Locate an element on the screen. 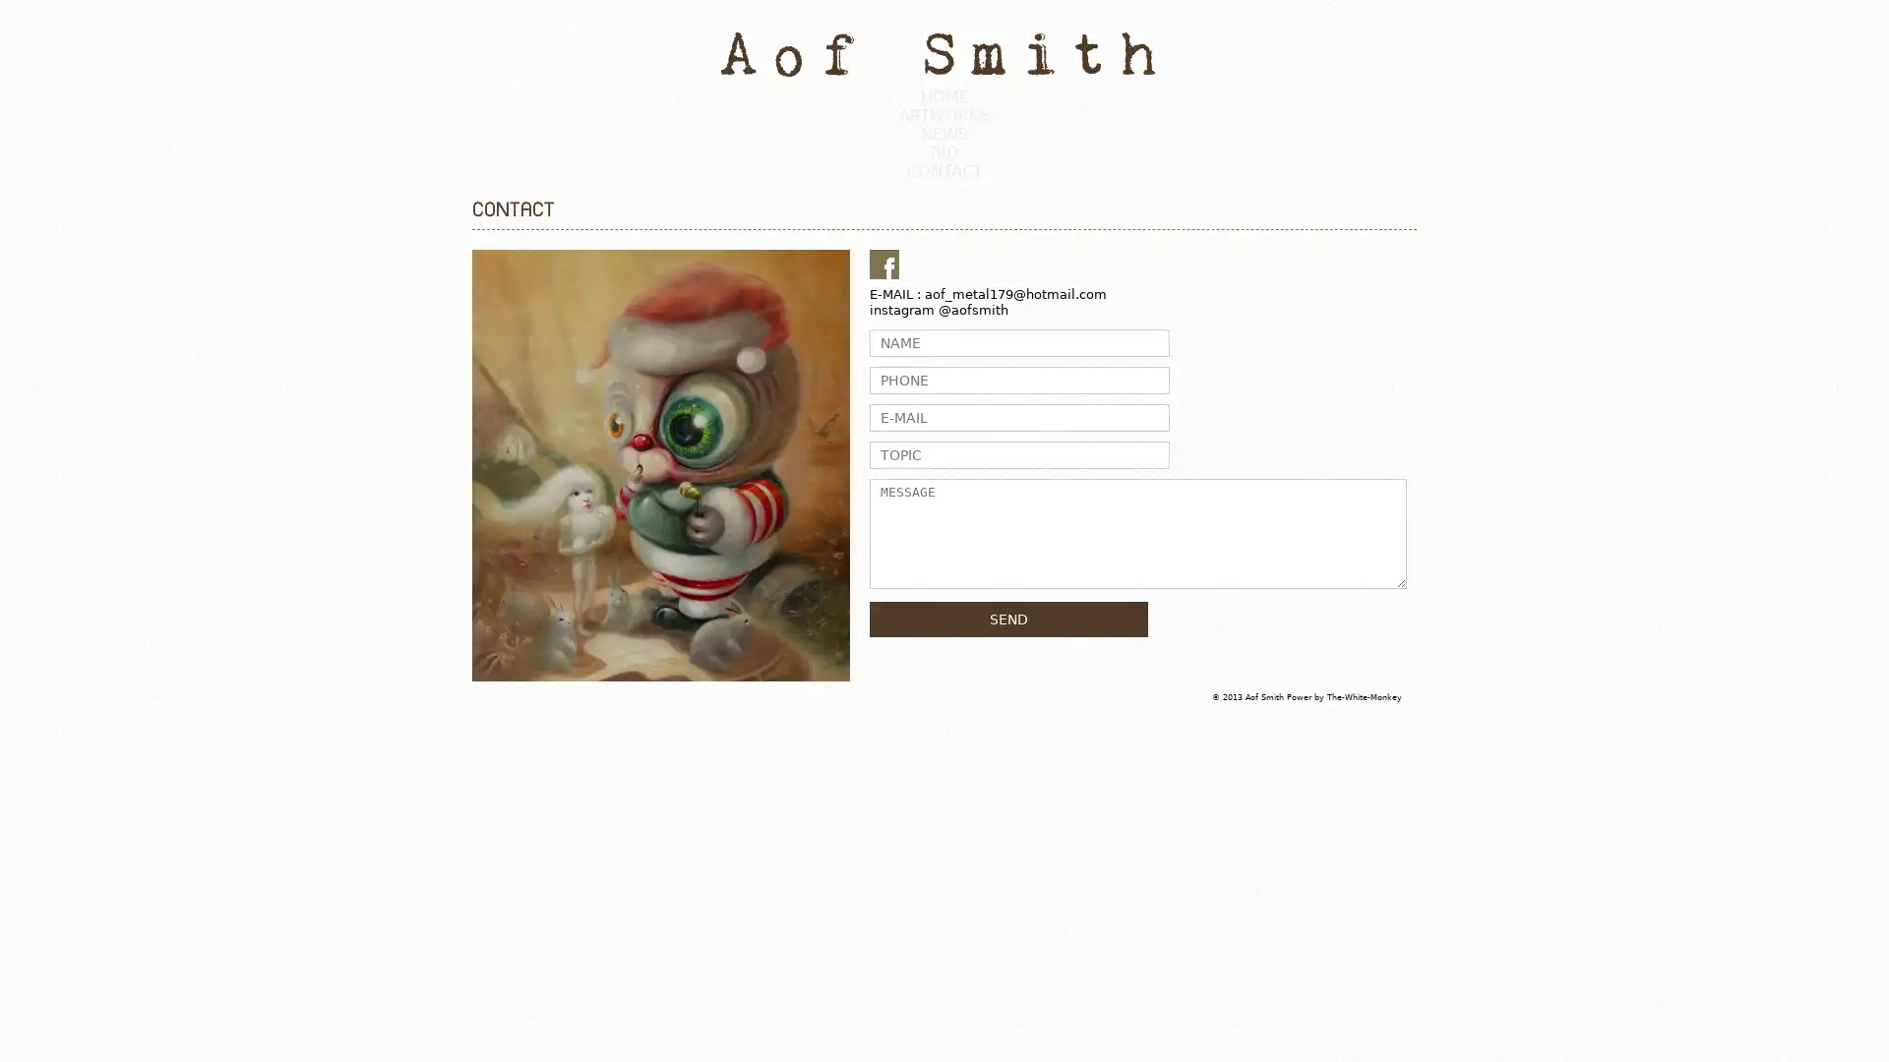 The width and height of the screenshot is (1889, 1062). SEND is located at coordinates (1008, 617).